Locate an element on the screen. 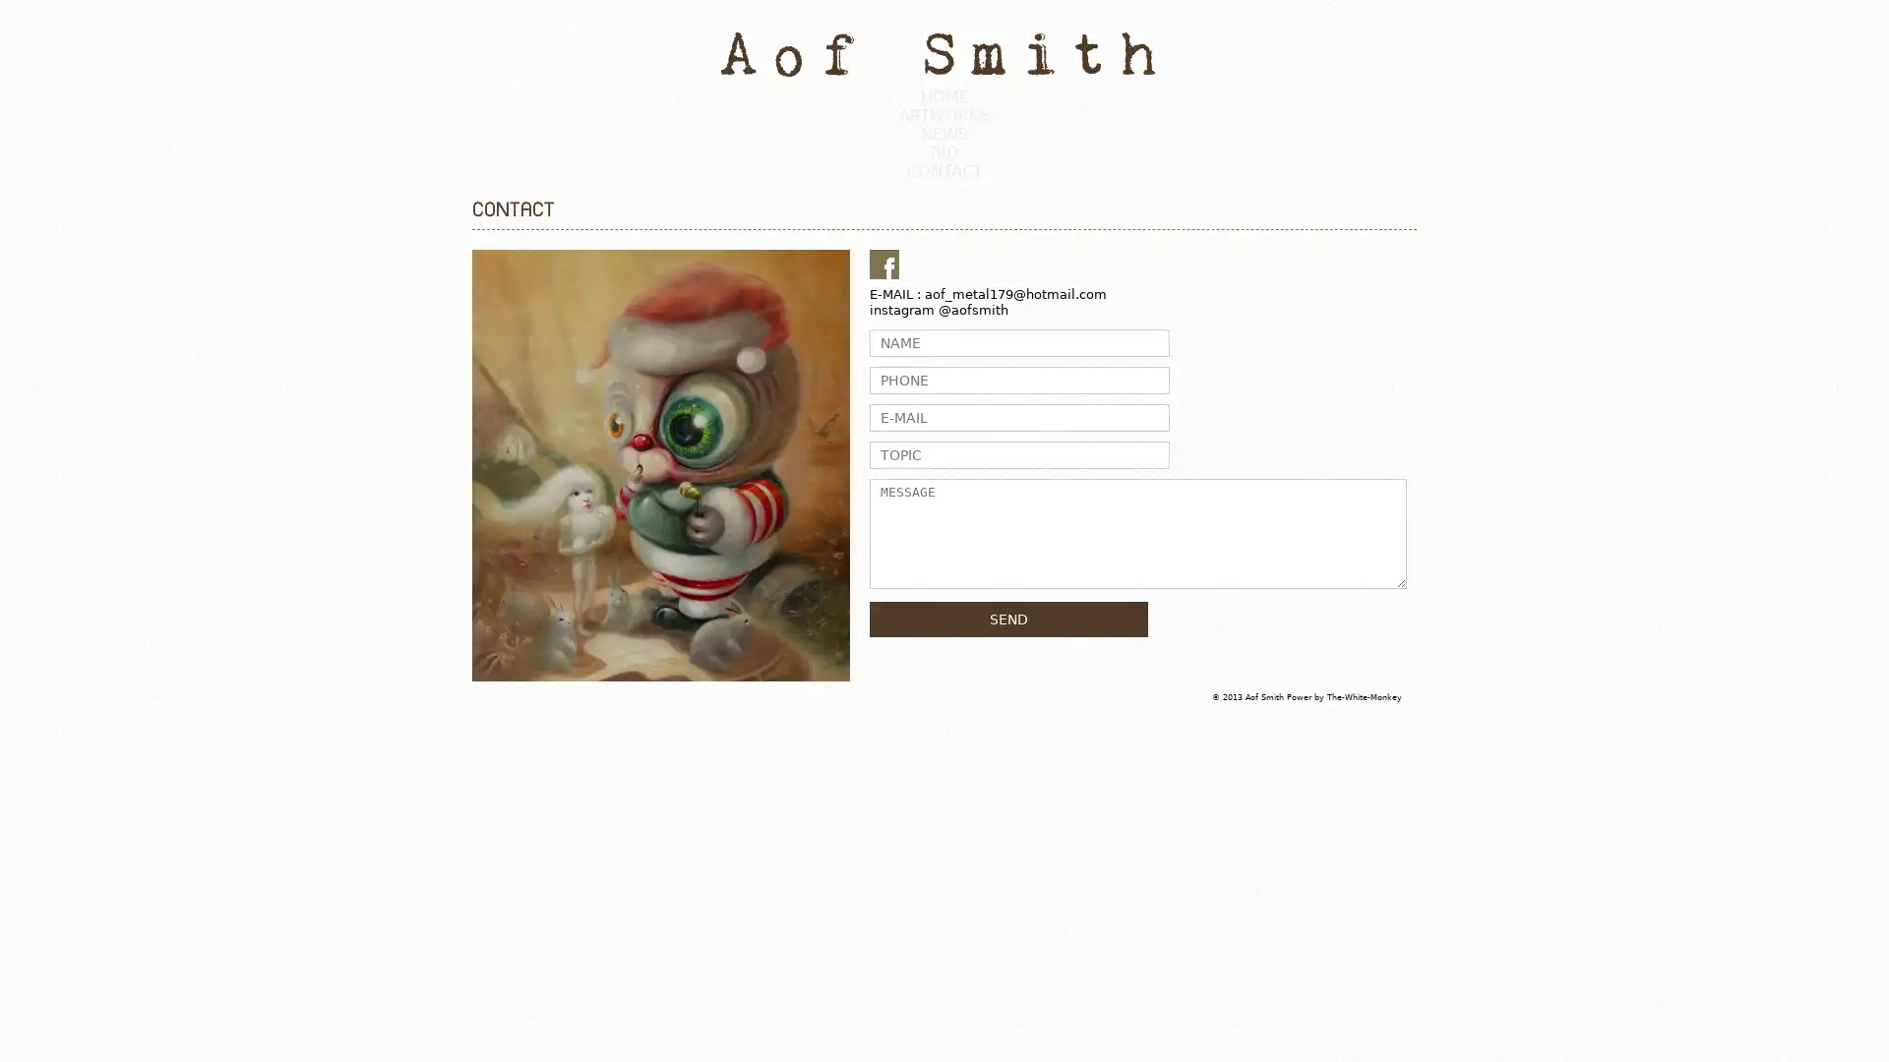 The width and height of the screenshot is (1889, 1062). SEND is located at coordinates (1008, 617).